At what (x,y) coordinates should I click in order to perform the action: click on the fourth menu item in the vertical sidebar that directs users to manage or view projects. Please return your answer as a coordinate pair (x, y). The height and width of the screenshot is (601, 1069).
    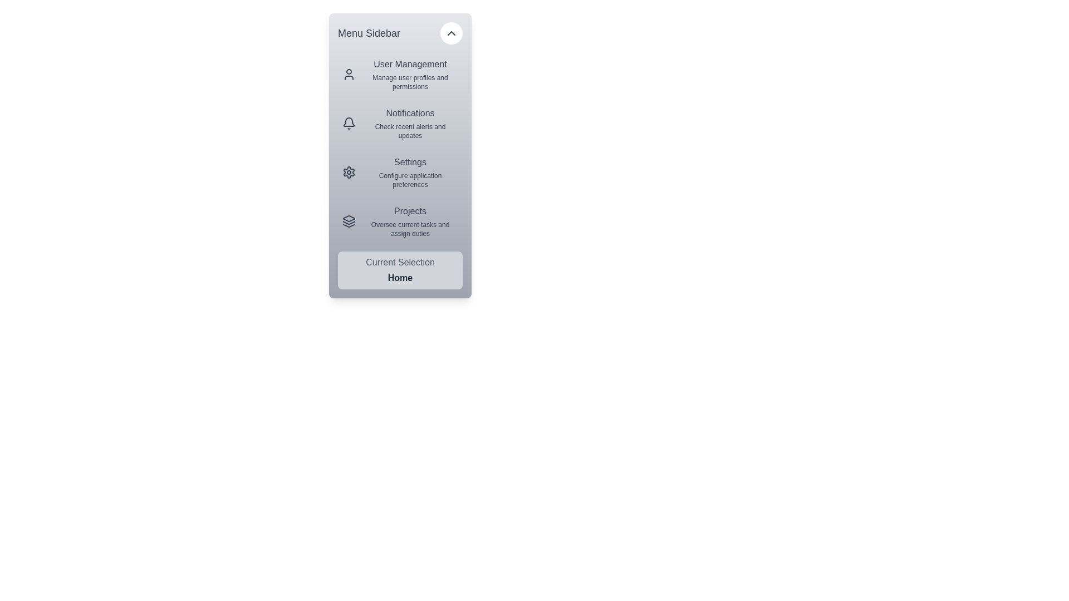
    Looking at the image, I should click on (410, 221).